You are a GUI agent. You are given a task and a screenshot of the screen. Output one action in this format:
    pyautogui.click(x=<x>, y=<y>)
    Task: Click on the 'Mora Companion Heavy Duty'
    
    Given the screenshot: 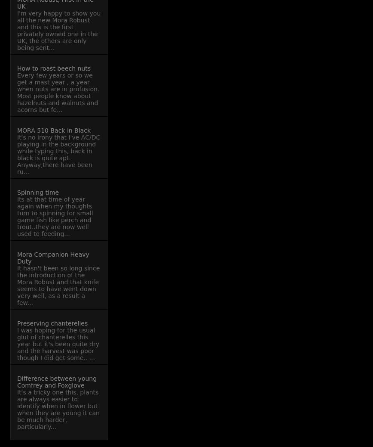 What is the action you would take?
    pyautogui.click(x=17, y=258)
    